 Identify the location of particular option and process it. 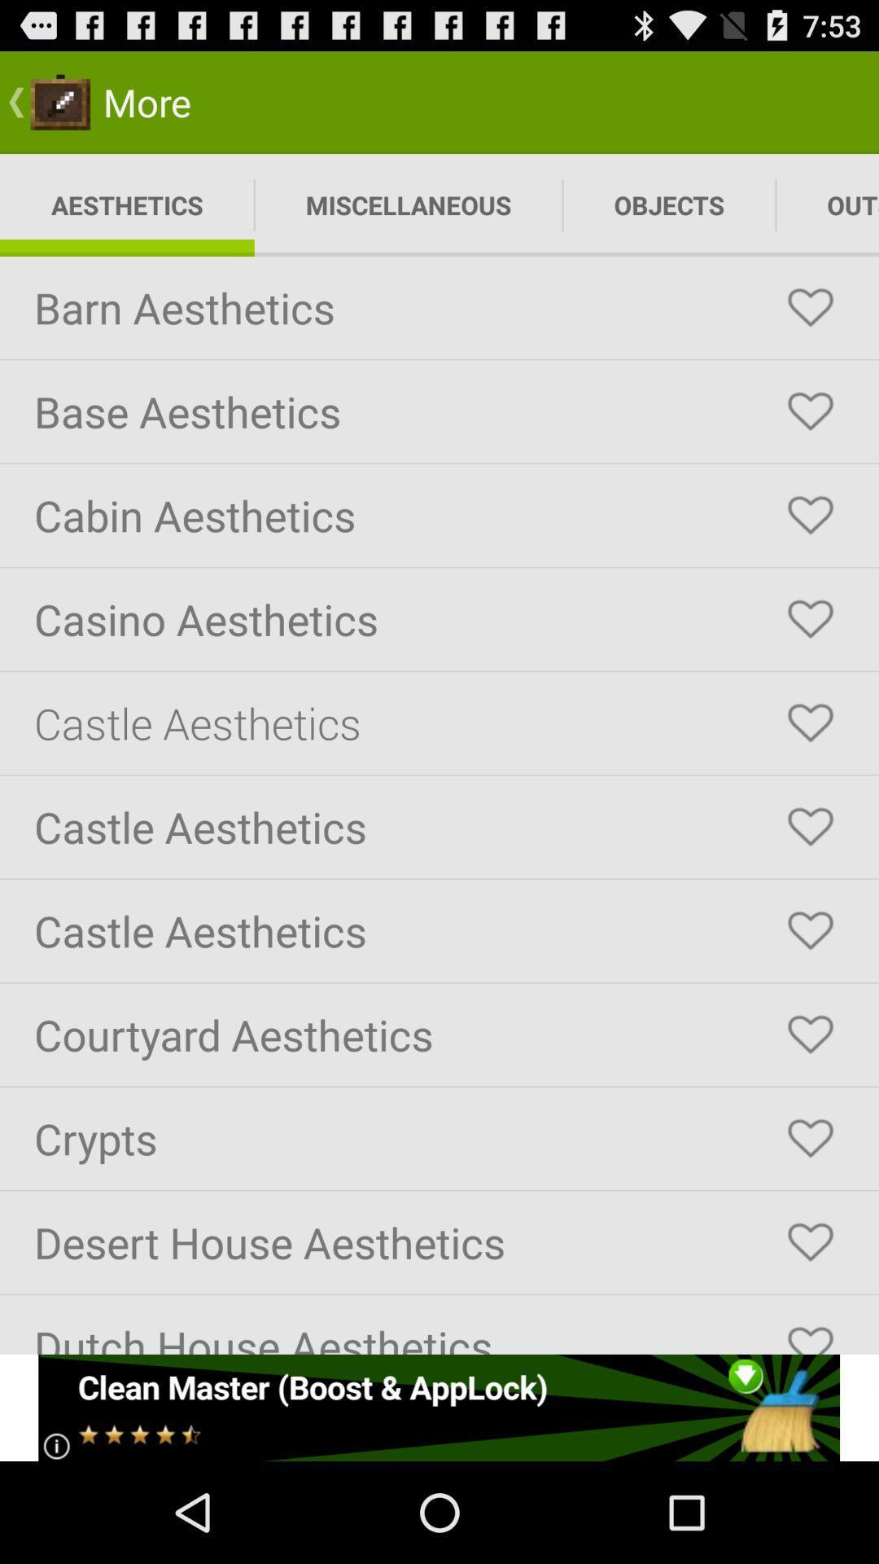
(810, 1137).